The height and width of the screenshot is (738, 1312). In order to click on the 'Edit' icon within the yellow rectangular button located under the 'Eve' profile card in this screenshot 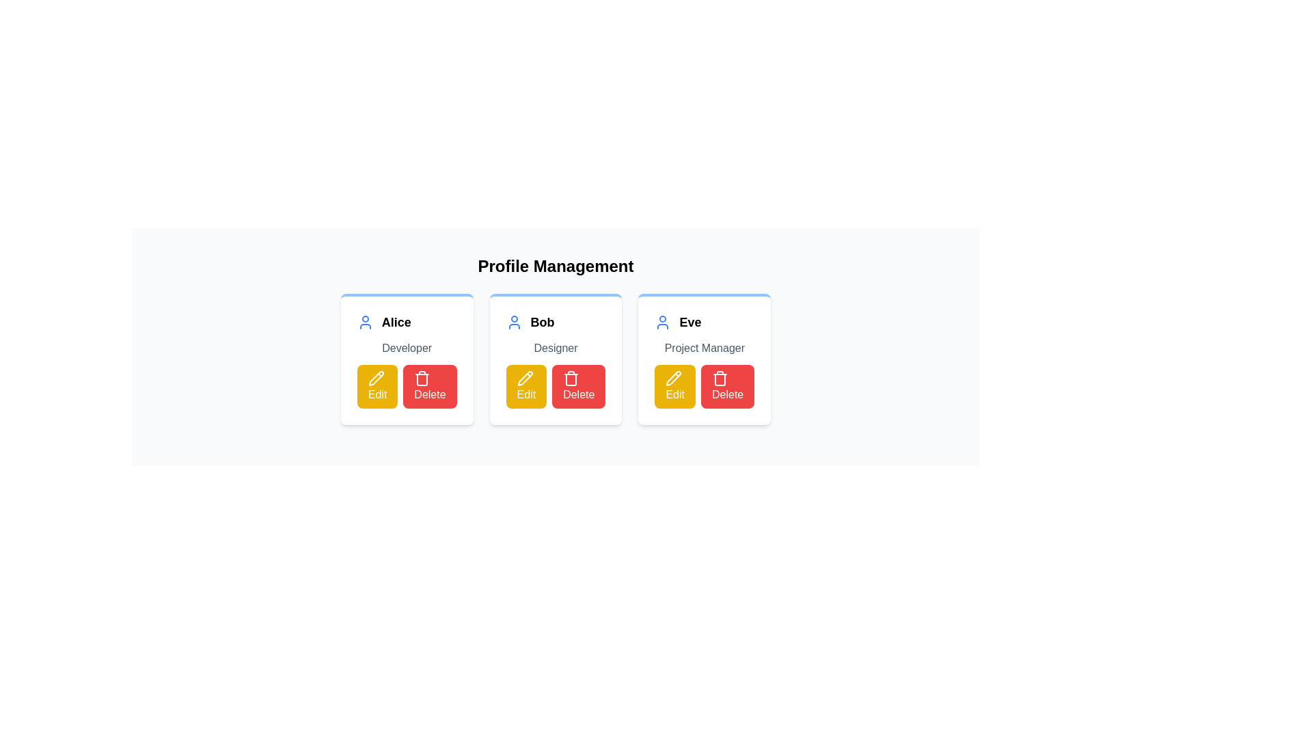, I will do `click(674, 379)`.